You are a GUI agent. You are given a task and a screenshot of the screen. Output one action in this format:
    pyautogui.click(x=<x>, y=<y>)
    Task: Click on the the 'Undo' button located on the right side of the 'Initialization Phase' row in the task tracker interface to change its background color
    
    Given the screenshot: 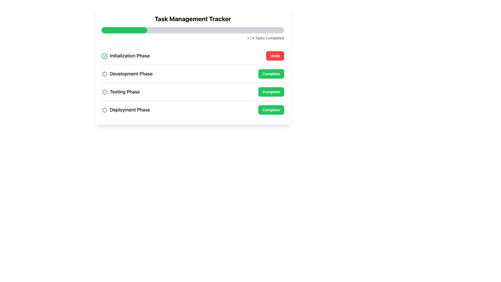 What is the action you would take?
    pyautogui.click(x=275, y=56)
    